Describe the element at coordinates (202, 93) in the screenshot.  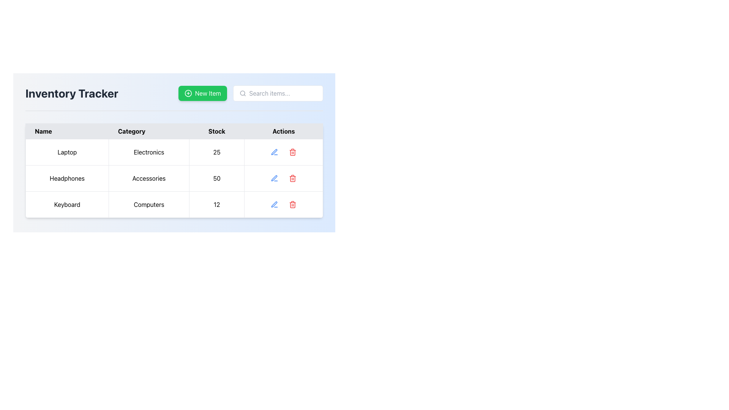
I see `the 'Add New Item' button located towards the center-left of the interface, which allows users to create or add a new item to the inventory` at that location.